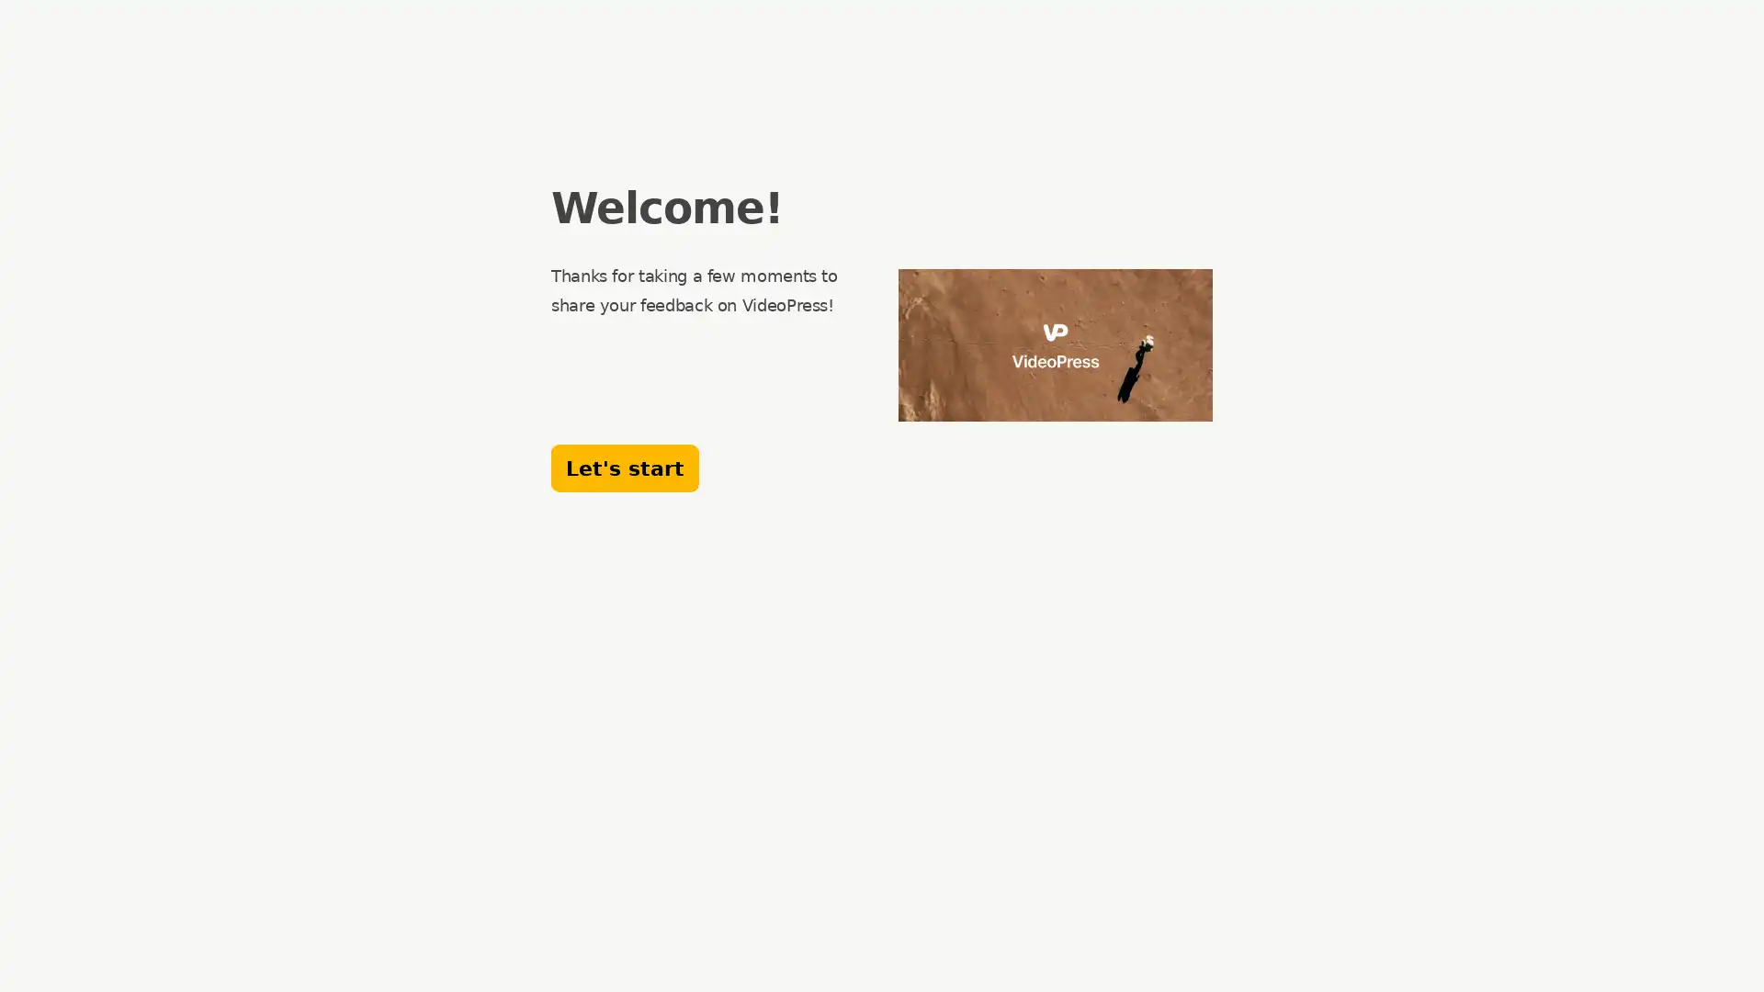  I want to click on Let's start, so click(625, 467).